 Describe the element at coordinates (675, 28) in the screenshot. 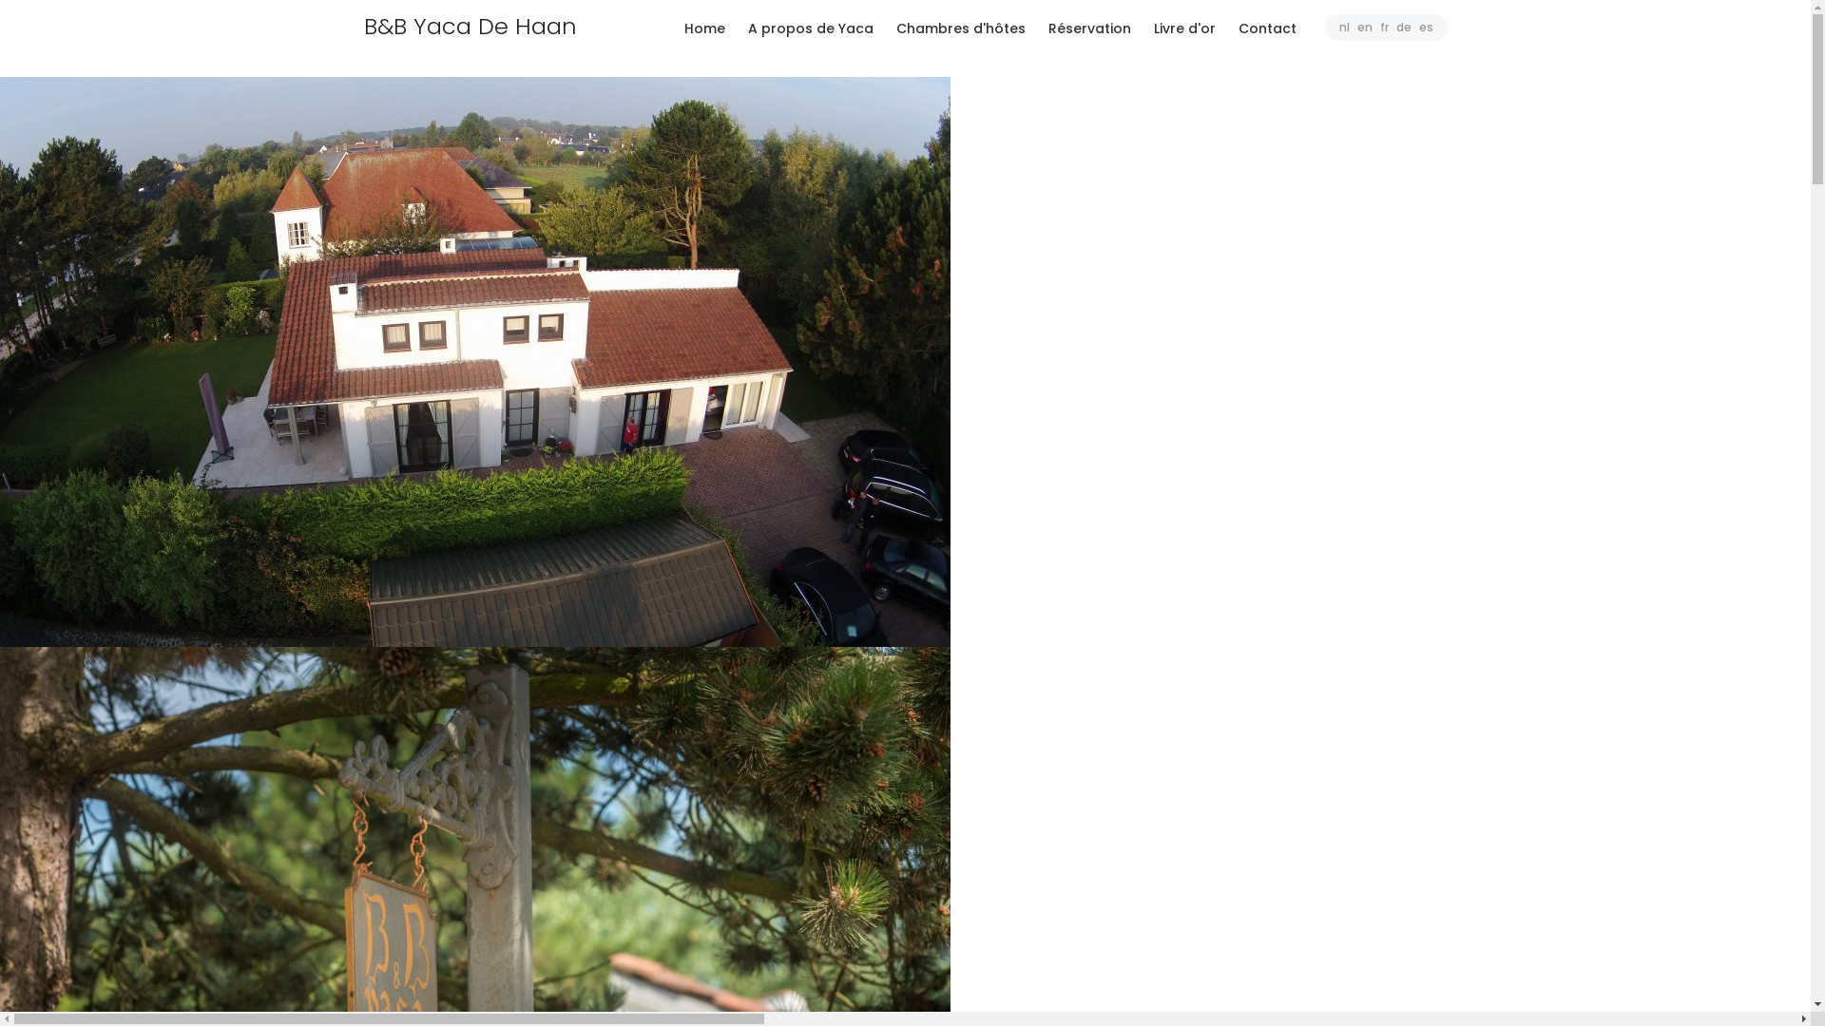

I see `'Home'` at that location.